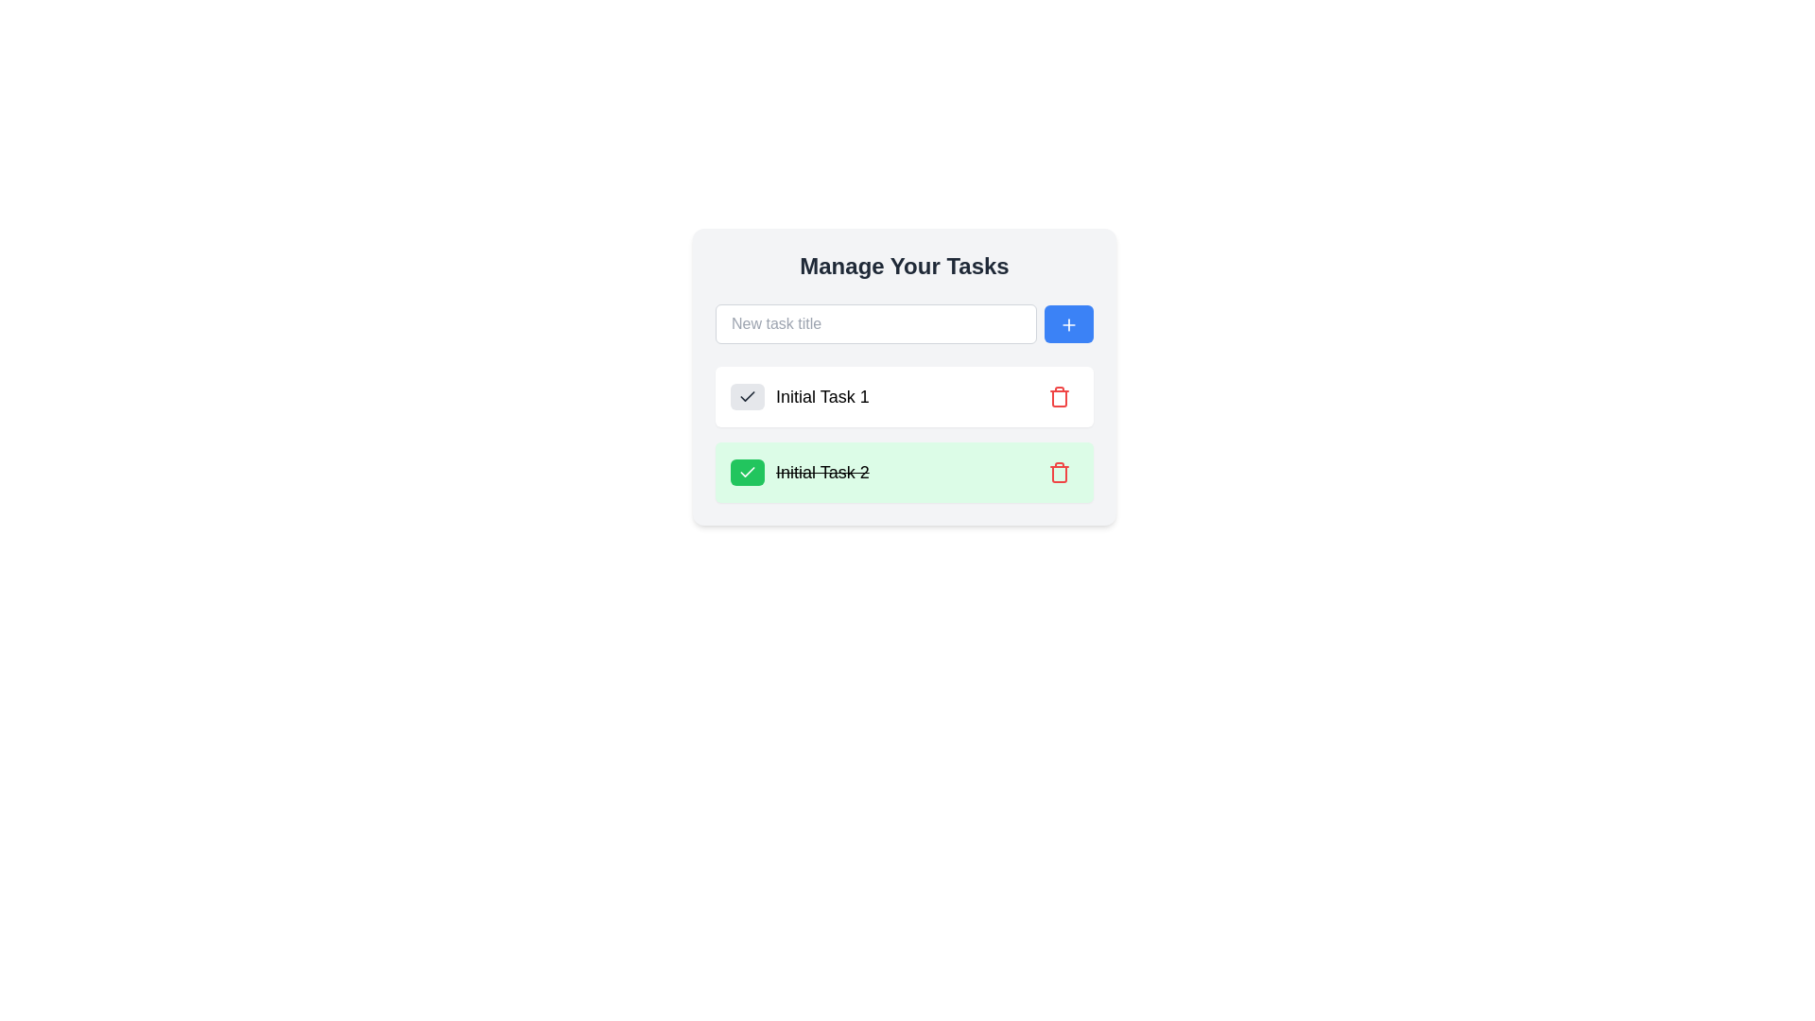 The width and height of the screenshot is (1815, 1021). What do you see at coordinates (1060, 473) in the screenshot?
I see `the trash can icon, which is a thin outline-only geometrical shape representing a trash bin, located to the right of the second highlighted task ('Initial Task 2')` at bounding box center [1060, 473].